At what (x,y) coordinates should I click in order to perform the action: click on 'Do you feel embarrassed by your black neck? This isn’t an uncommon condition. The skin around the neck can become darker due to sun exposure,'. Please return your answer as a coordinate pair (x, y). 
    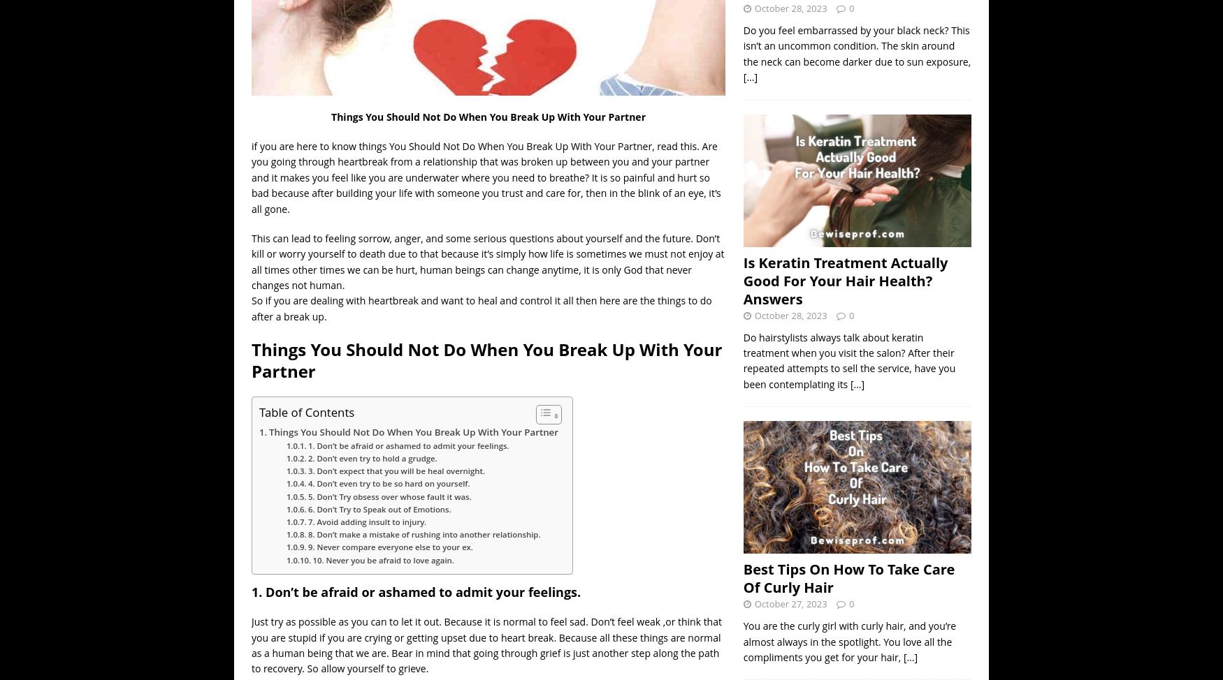
    Looking at the image, I should click on (857, 45).